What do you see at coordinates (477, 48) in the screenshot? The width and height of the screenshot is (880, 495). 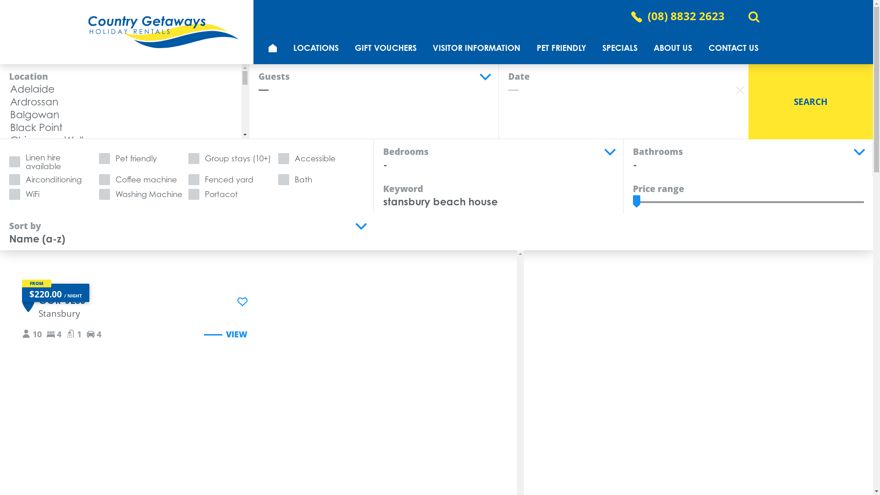 I see `'VISITOR INFORMATION'` at bounding box center [477, 48].